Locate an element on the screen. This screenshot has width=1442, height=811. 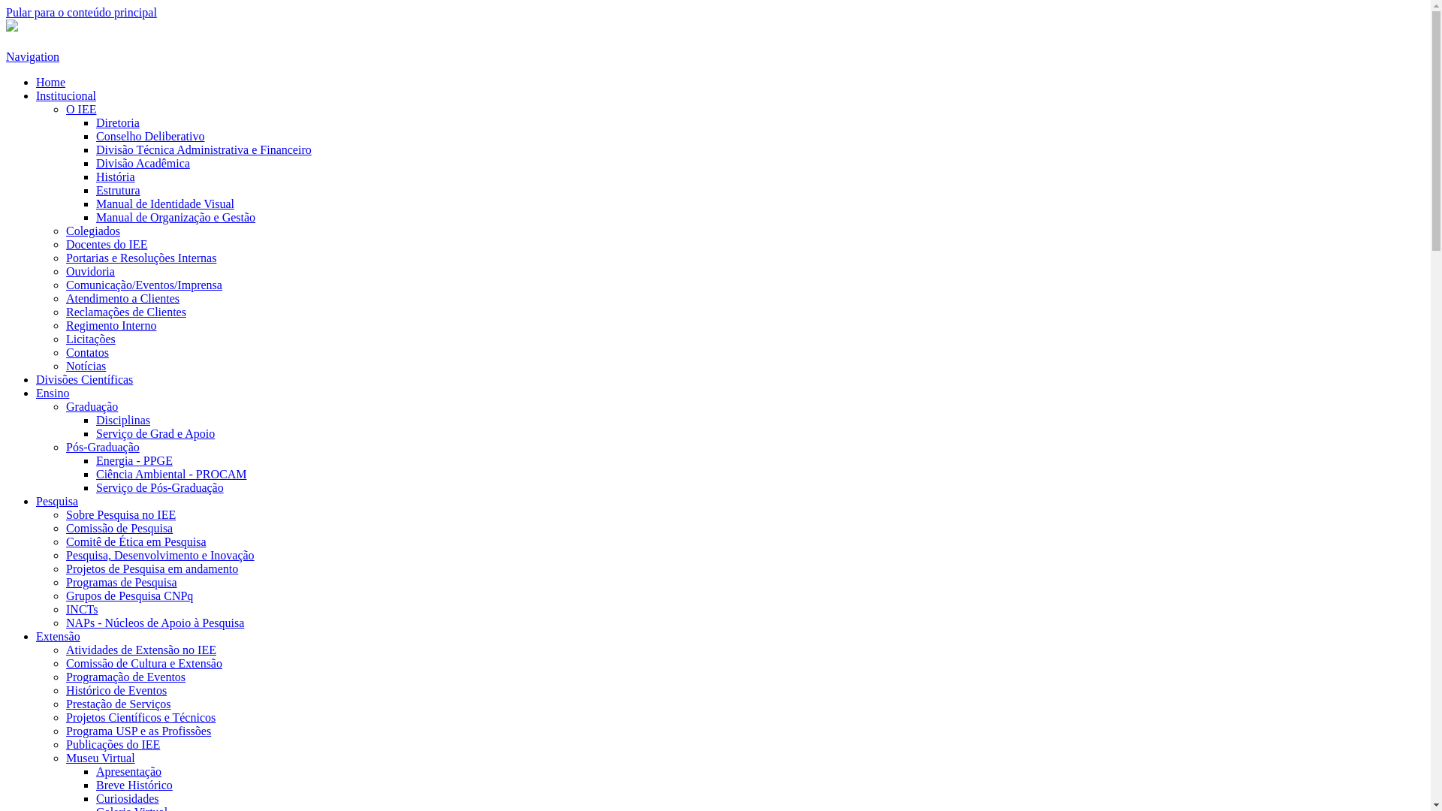
'Docentes do IEE' is located at coordinates (106, 243).